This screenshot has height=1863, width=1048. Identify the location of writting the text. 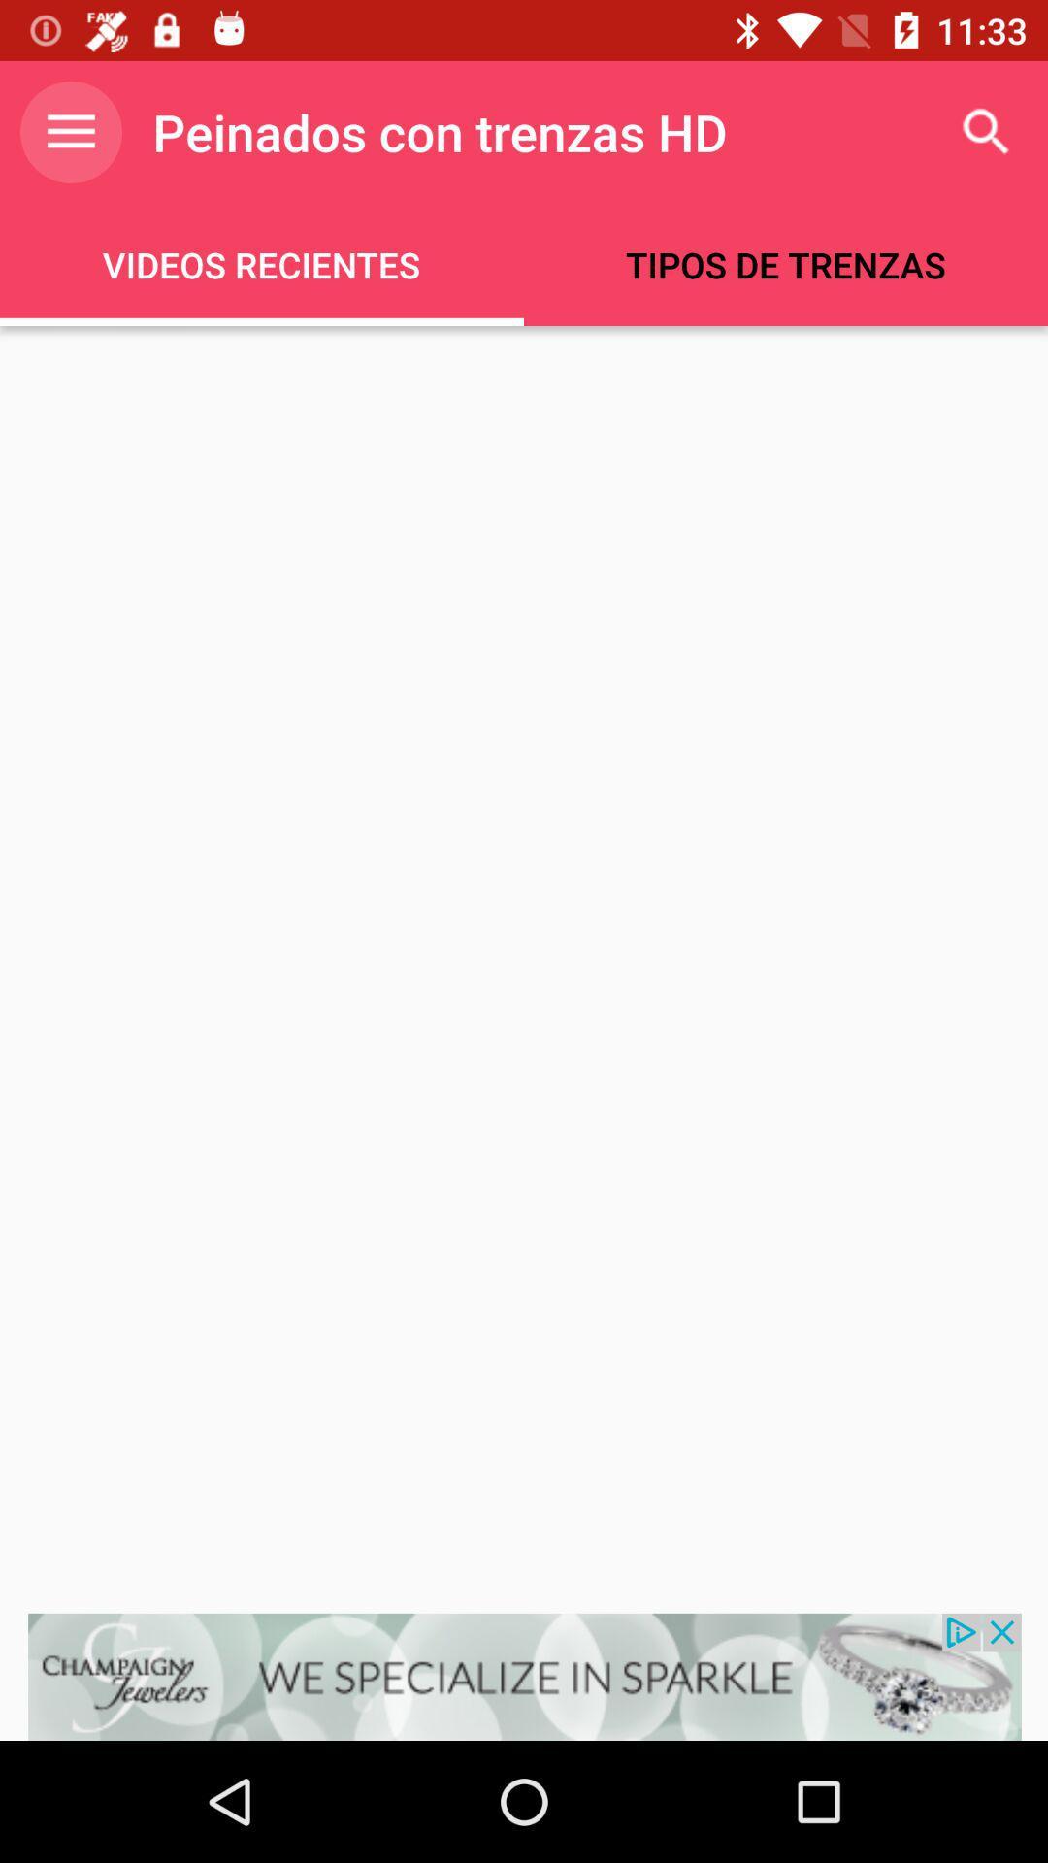
(524, 969).